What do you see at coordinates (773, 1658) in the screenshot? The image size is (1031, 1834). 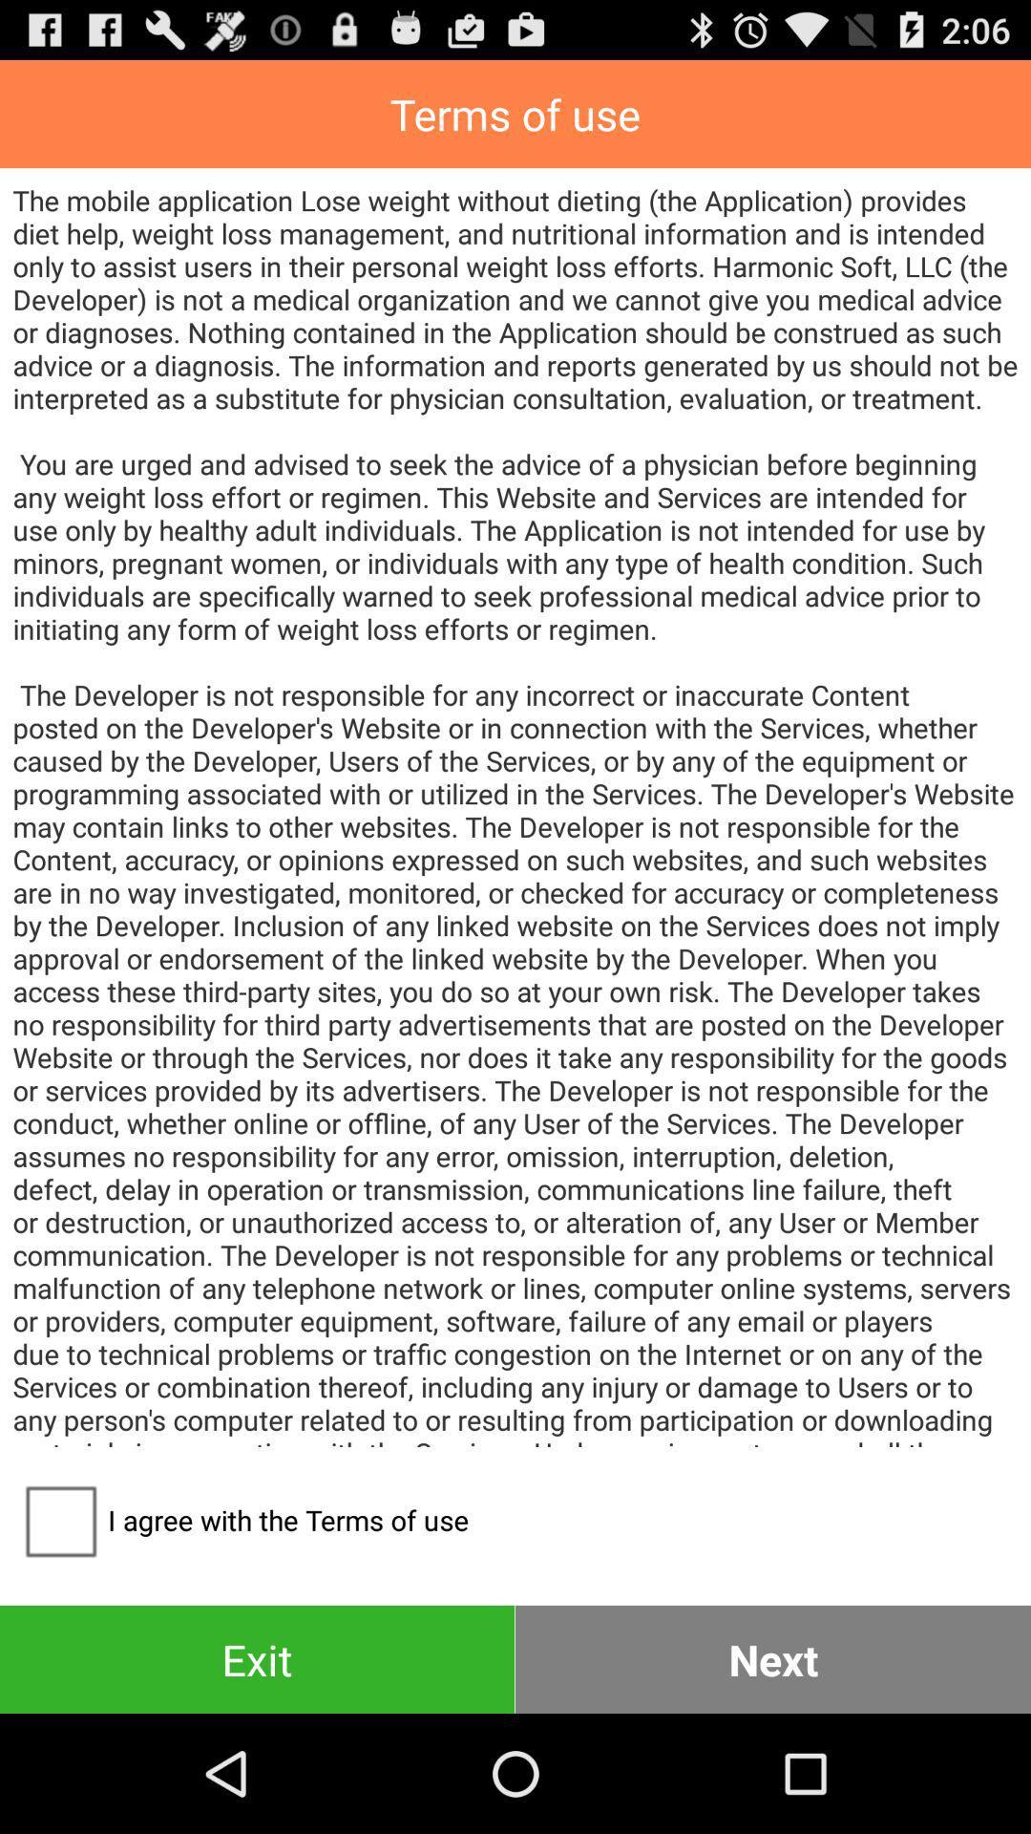 I see `the icon below the the mobile application item` at bounding box center [773, 1658].